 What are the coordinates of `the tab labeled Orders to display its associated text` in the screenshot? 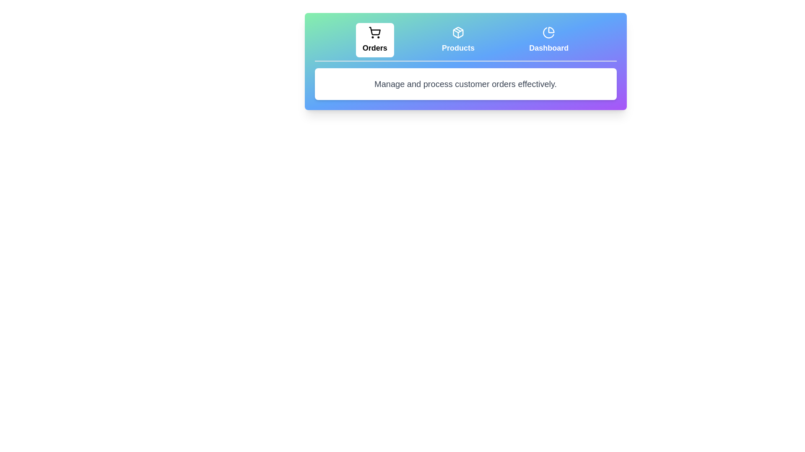 It's located at (374, 40).